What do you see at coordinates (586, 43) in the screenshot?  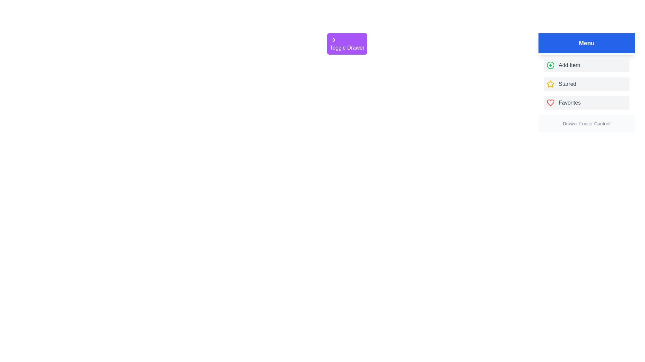 I see `the 'Menu' header in the drawer` at bounding box center [586, 43].